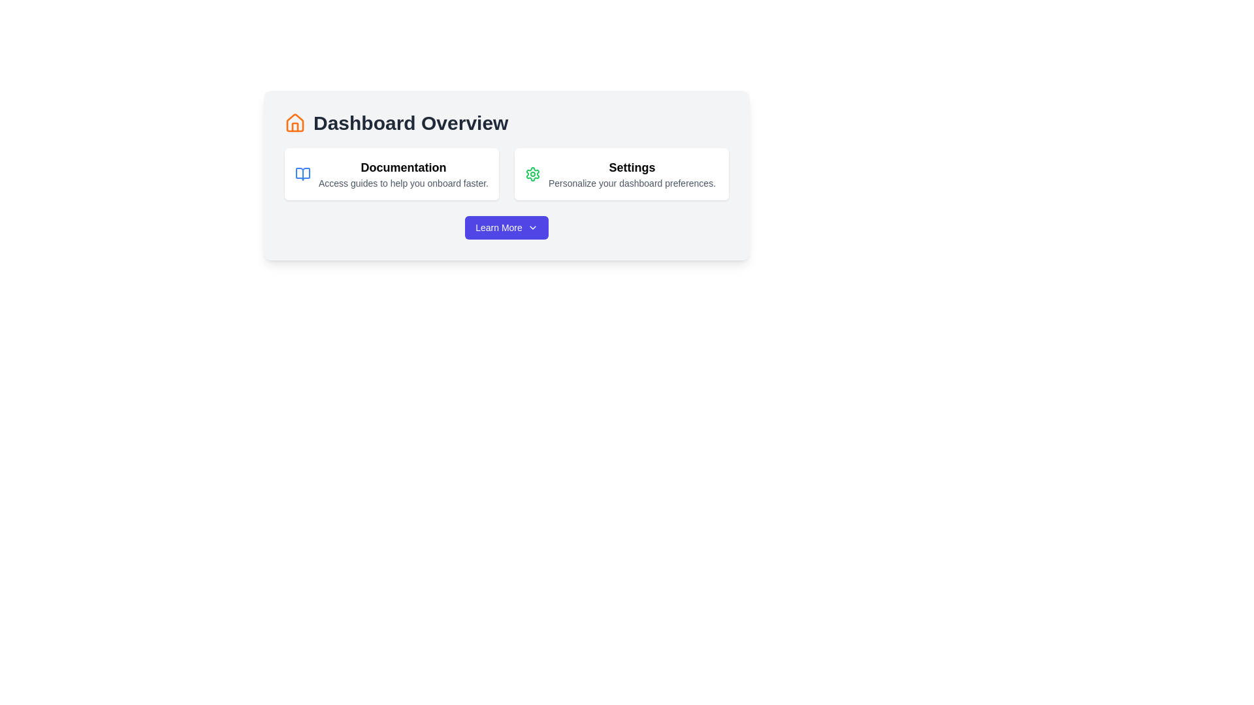  Describe the element at coordinates (294, 123) in the screenshot. I see `the dashboard icon located in the upper-left corner of the interface, to the left of the 'Dashboard Overview' title` at that location.